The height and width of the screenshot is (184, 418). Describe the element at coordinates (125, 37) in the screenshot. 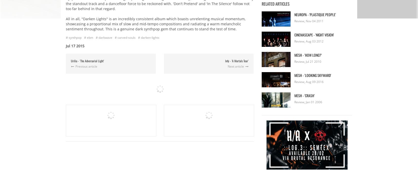

I see `'# carved-souls'` at that location.